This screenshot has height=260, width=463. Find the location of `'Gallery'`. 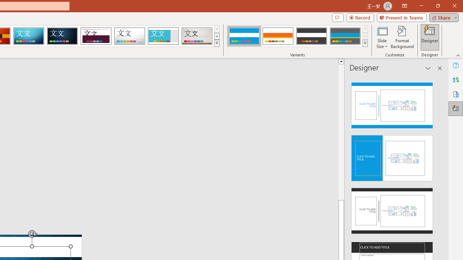

'Gallery' is located at coordinates (197, 36).